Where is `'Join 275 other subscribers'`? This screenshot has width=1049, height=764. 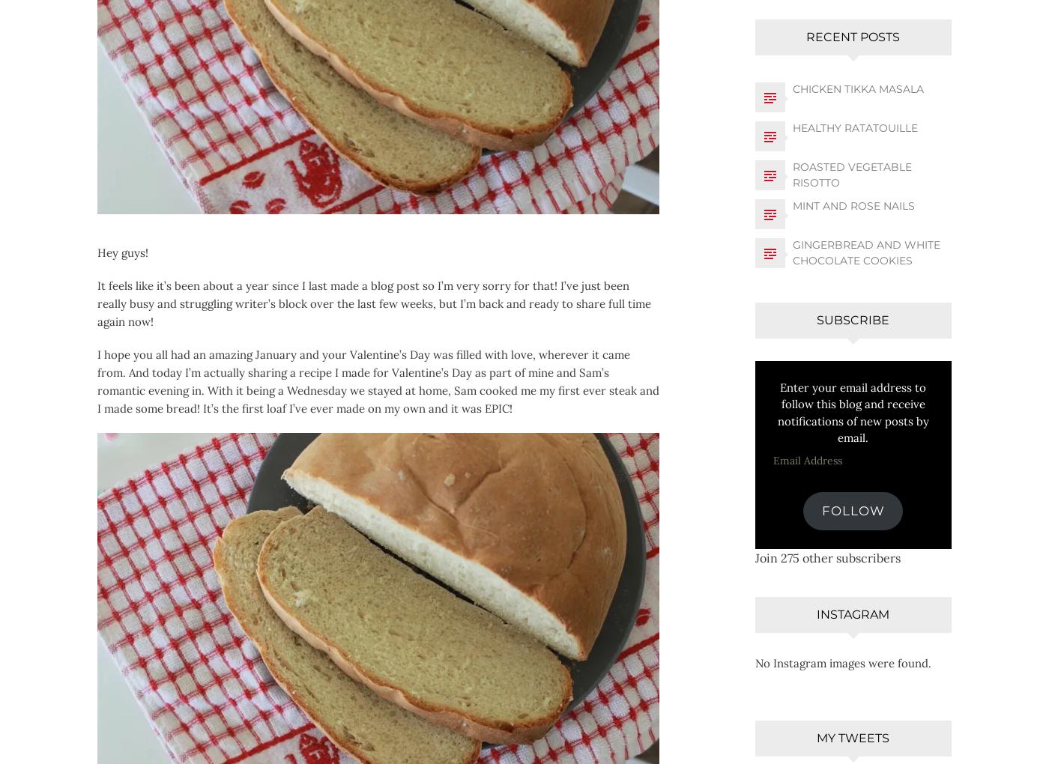 'Join 275 other subscribers' is located at coordinates (827, 558).